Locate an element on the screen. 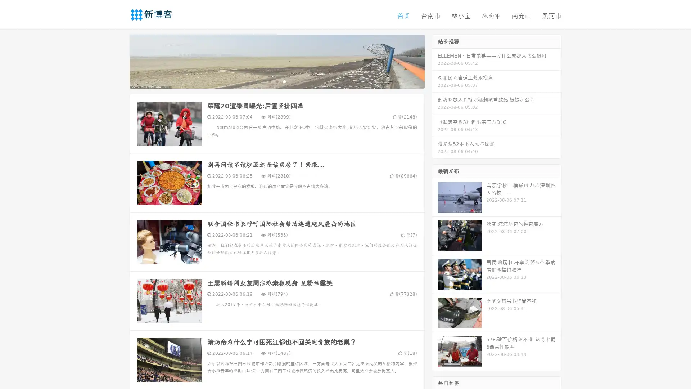  Go to slide 1 is located at coordinates (269, 81).